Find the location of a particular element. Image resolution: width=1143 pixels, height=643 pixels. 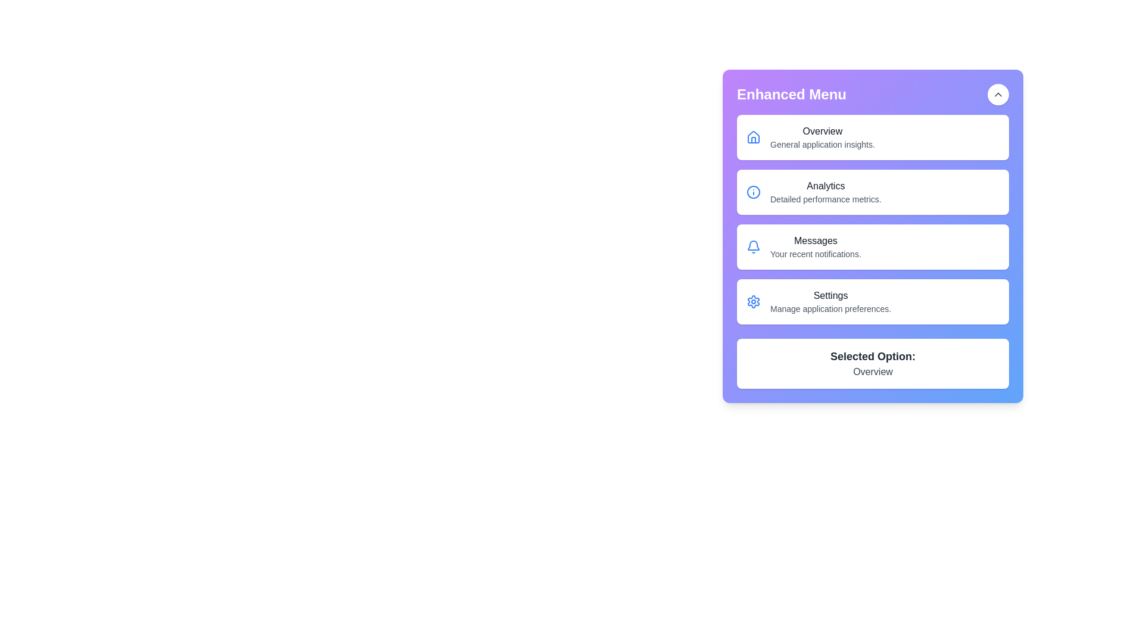

the Text Label providing additional descriptive information about the 'Analytics' menu option in the sidebar by moving the cursor to its center point is located at coordinates (825, 199).